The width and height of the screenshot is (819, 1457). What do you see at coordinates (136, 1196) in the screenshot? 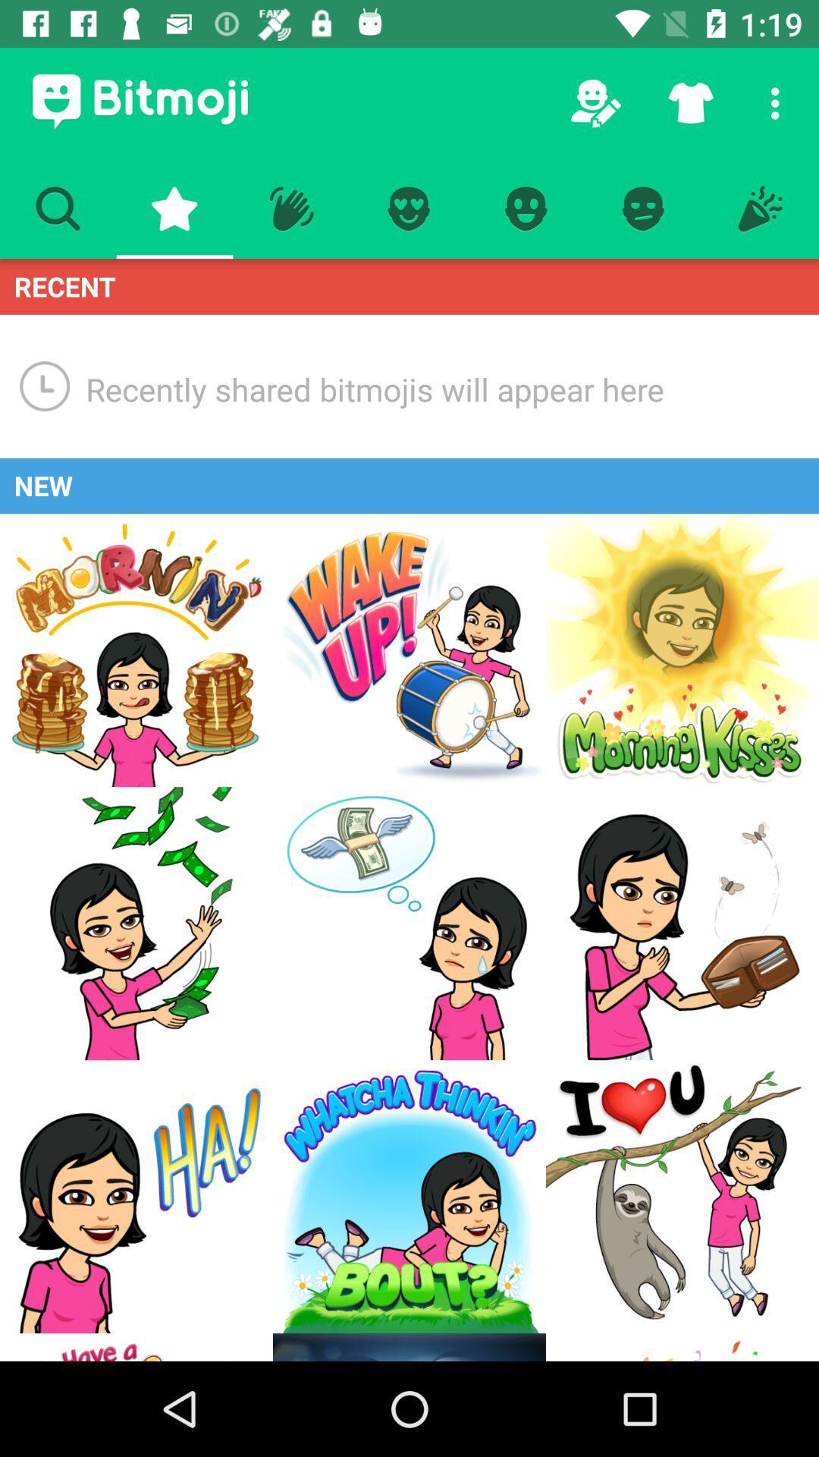
I see `bitmoji ha` at bounding box center [136, 1196].